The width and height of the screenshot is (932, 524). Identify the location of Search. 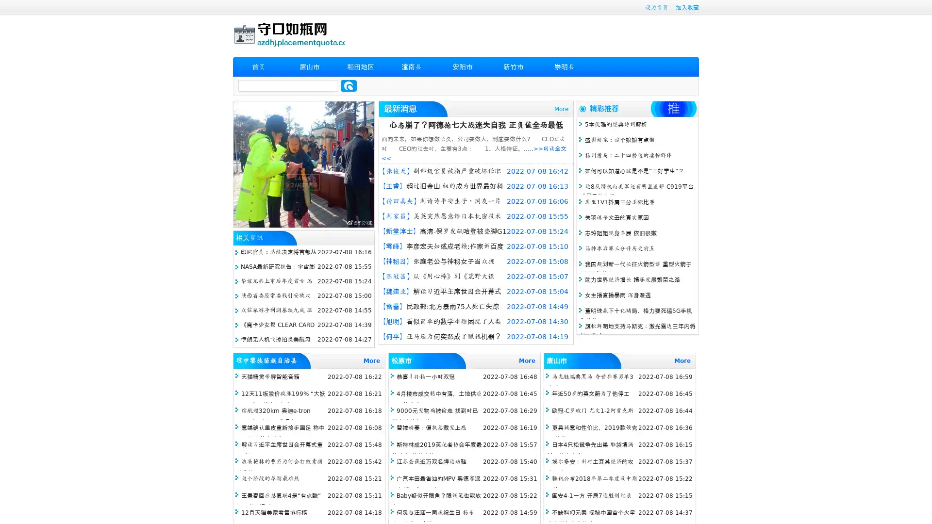
(349, 85).